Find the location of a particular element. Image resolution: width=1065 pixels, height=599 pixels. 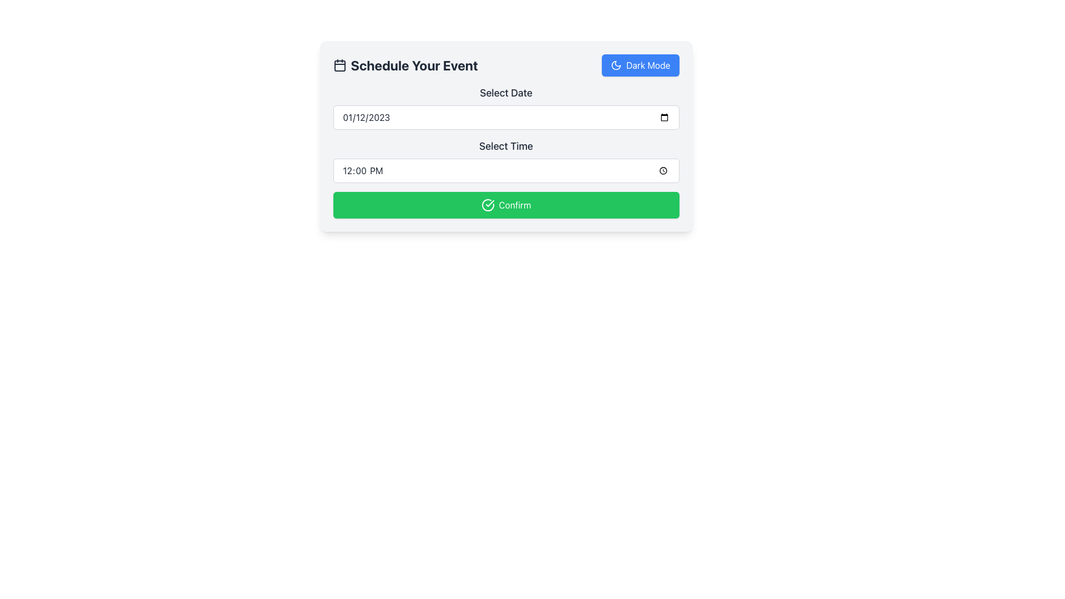

the heading element that displays 'Schedule Your Event' with a calendar icon, located in the header section of the scheduling interface is located at coordinates (405, 65).